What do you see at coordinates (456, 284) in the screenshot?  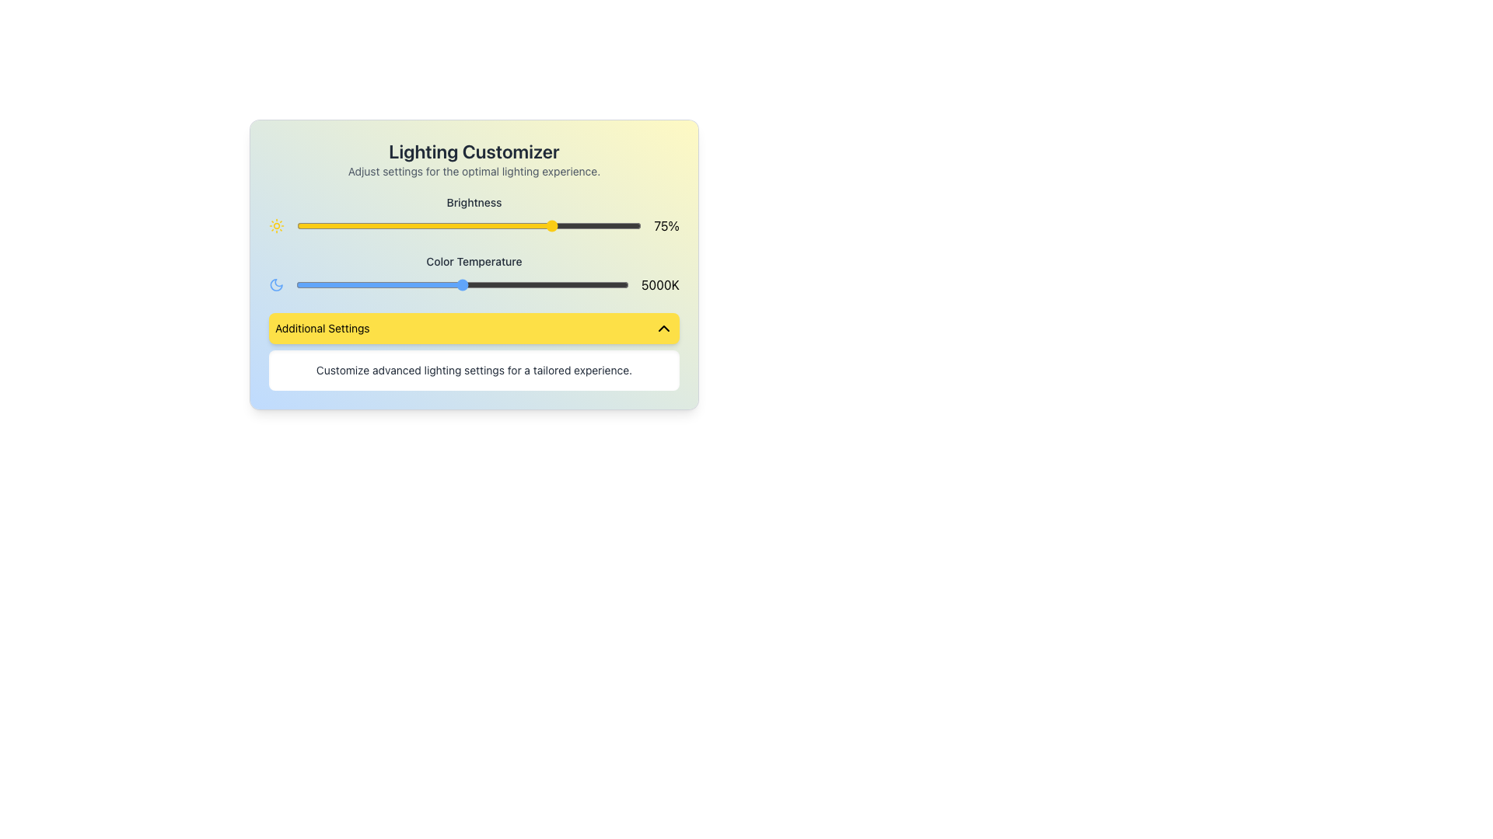 I see `the color temperature` at bounding box center [456, 284].